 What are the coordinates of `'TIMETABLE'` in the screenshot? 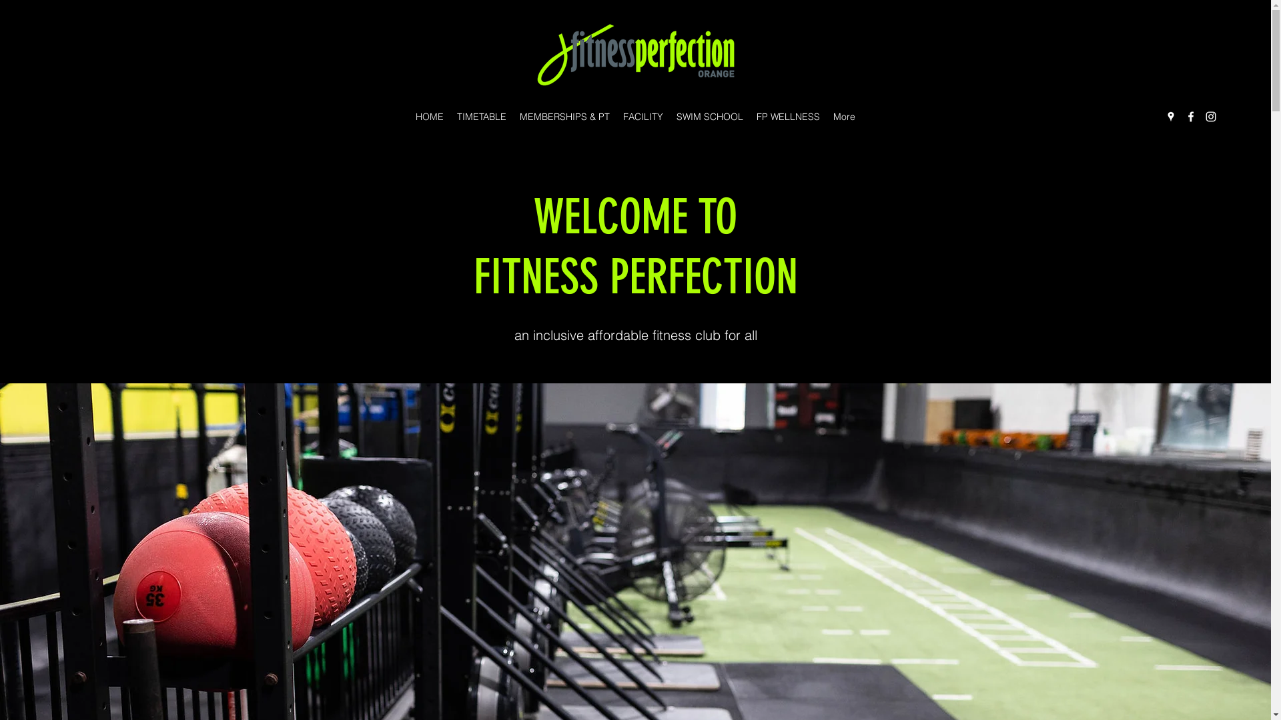 It's located at (480, 115).